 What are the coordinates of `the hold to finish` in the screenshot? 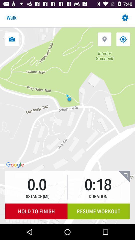 It's located at (36, 211).